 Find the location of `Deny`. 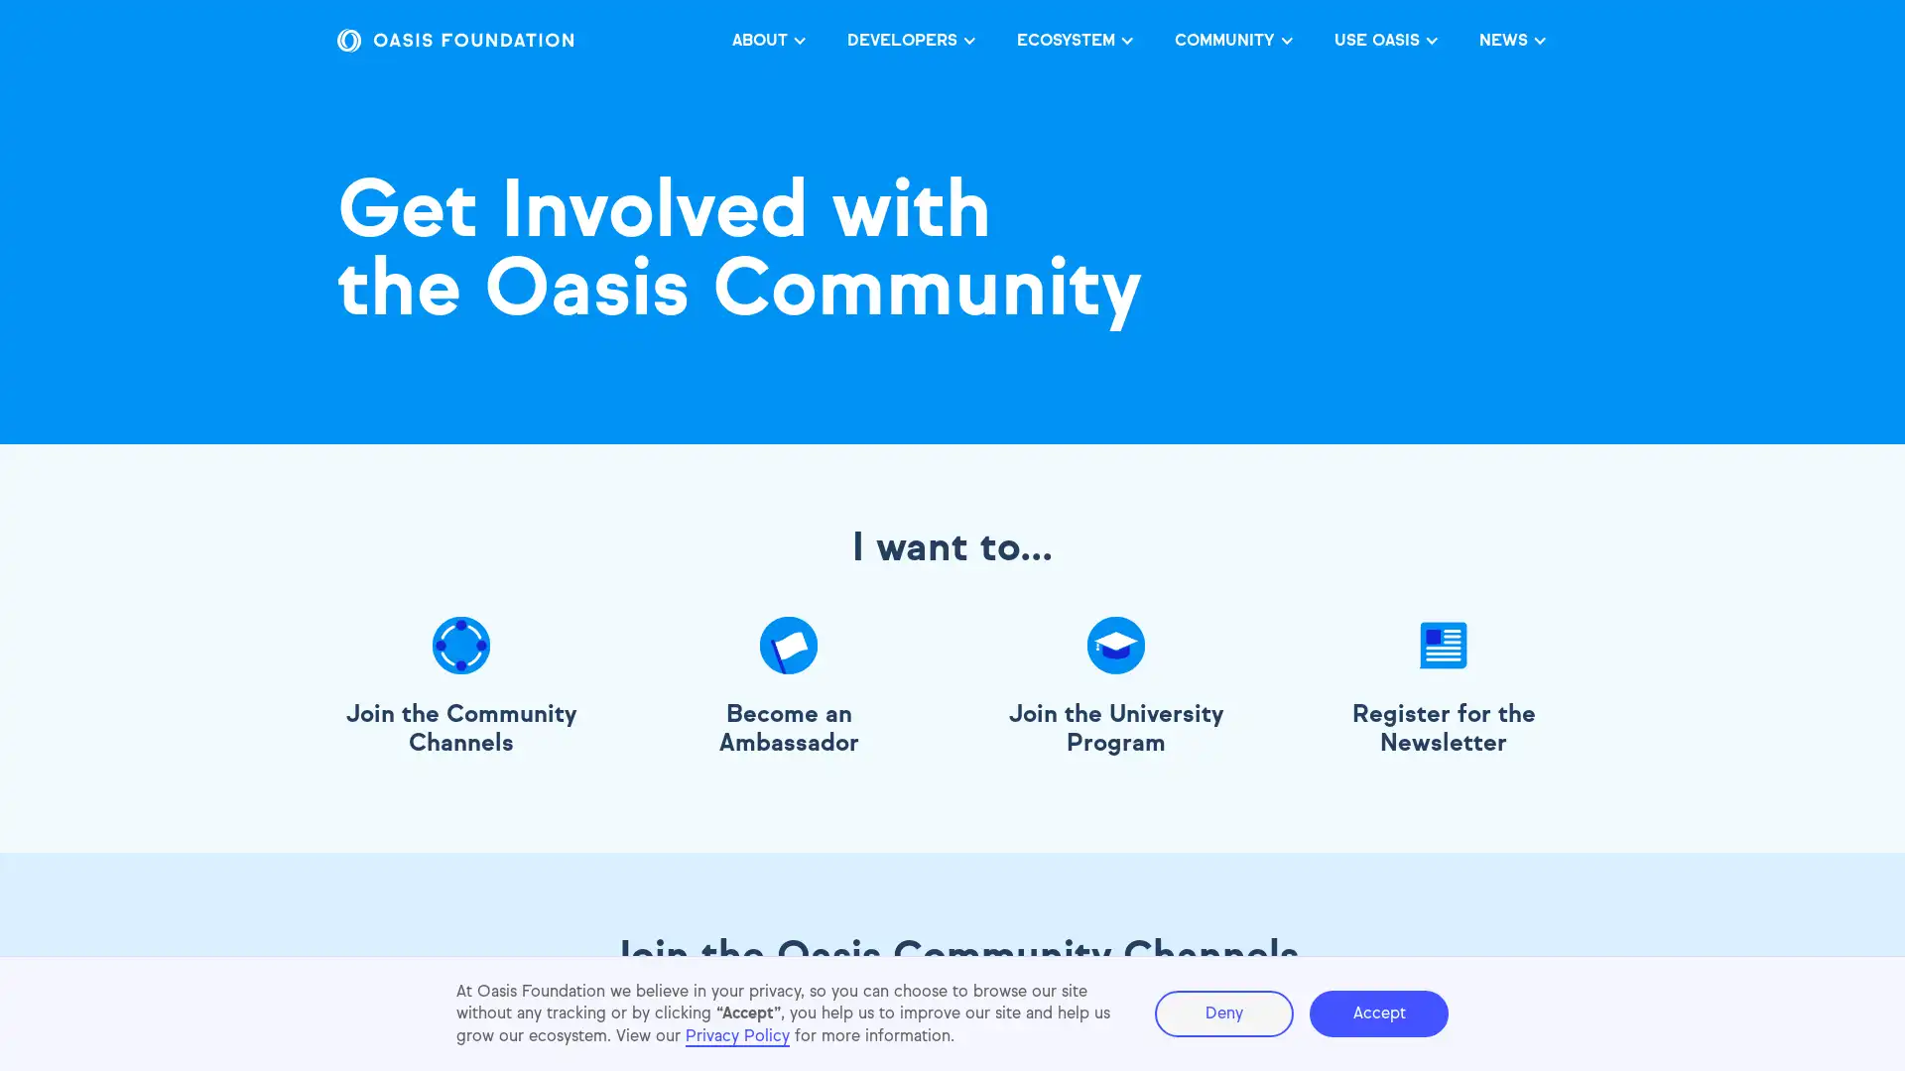

Deny is located at coordinates (1222, 1013).